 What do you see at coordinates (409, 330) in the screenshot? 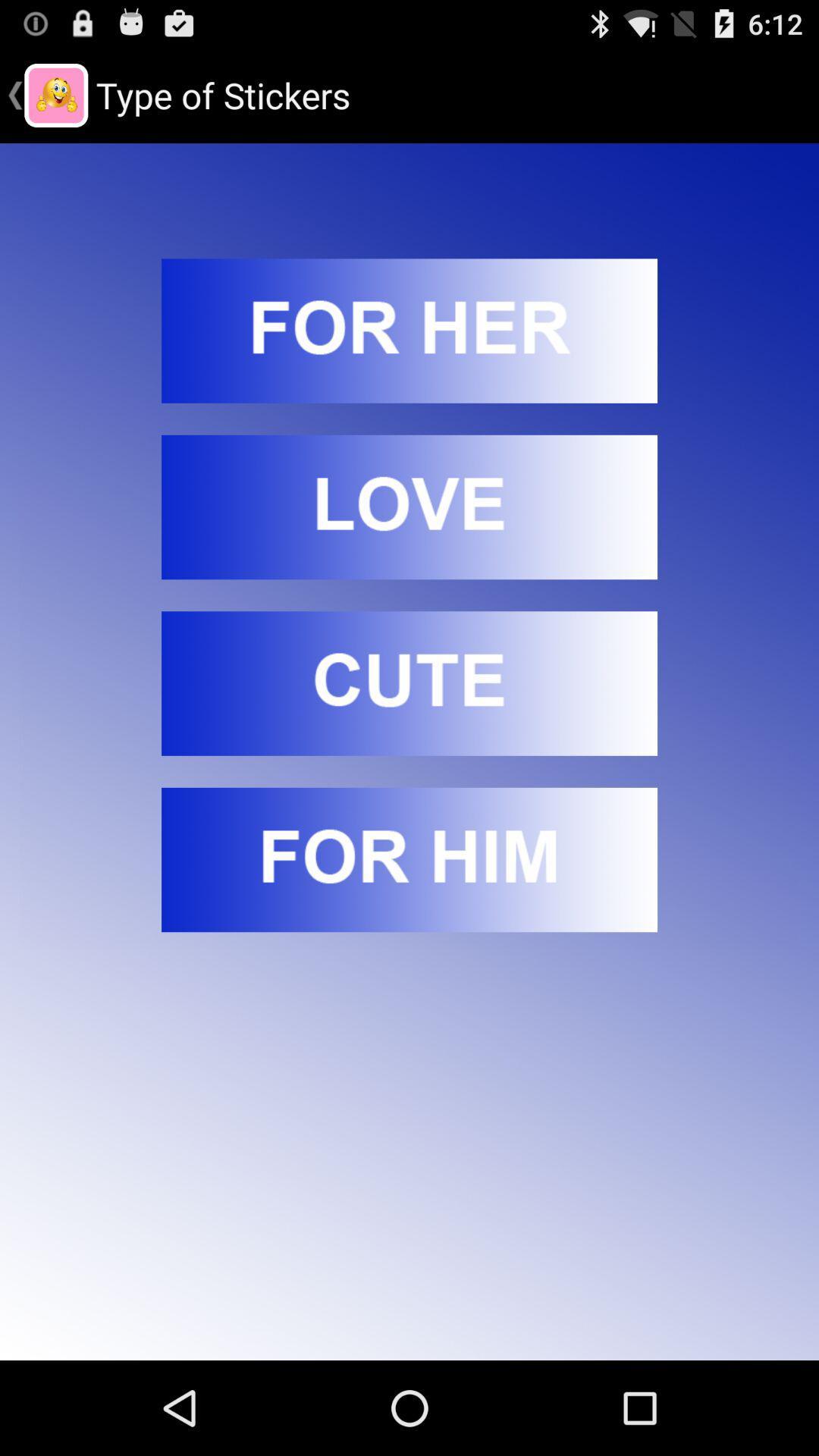
I see `item at the top` at bounding box center [409, 330].